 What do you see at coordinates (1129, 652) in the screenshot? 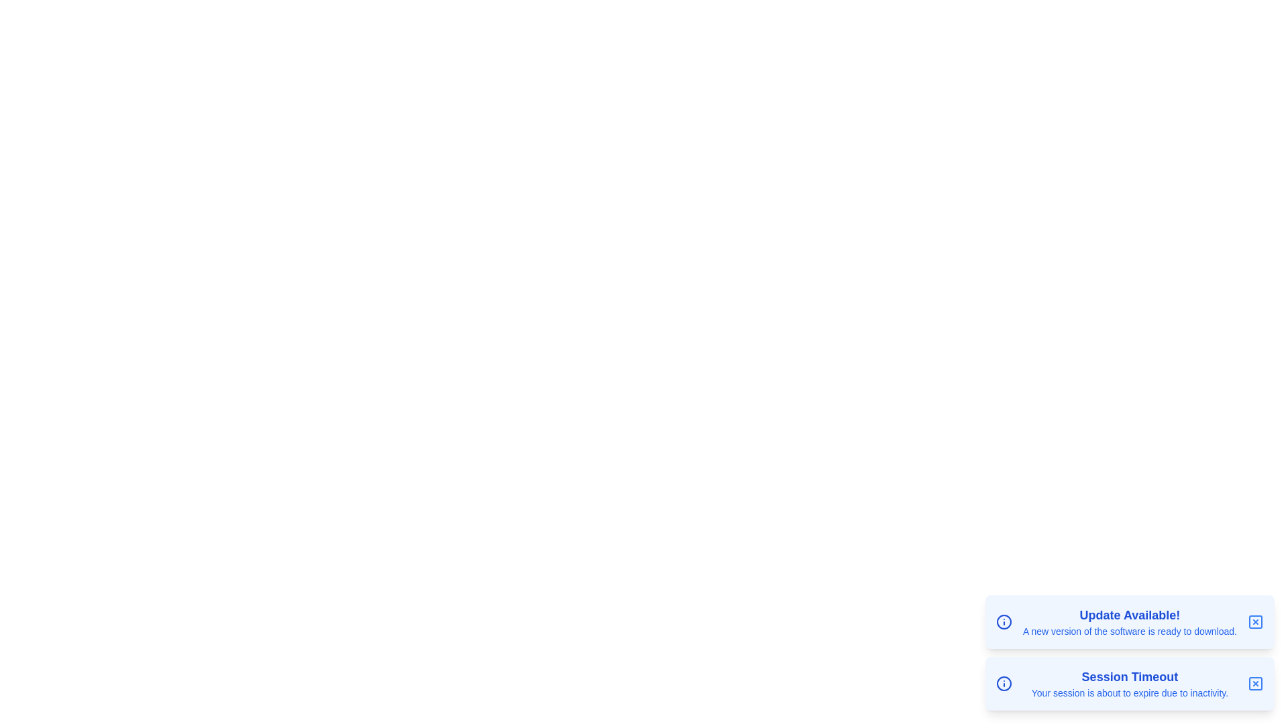
I see `the notification area to focus on it` at bounding box center [1129, 652].